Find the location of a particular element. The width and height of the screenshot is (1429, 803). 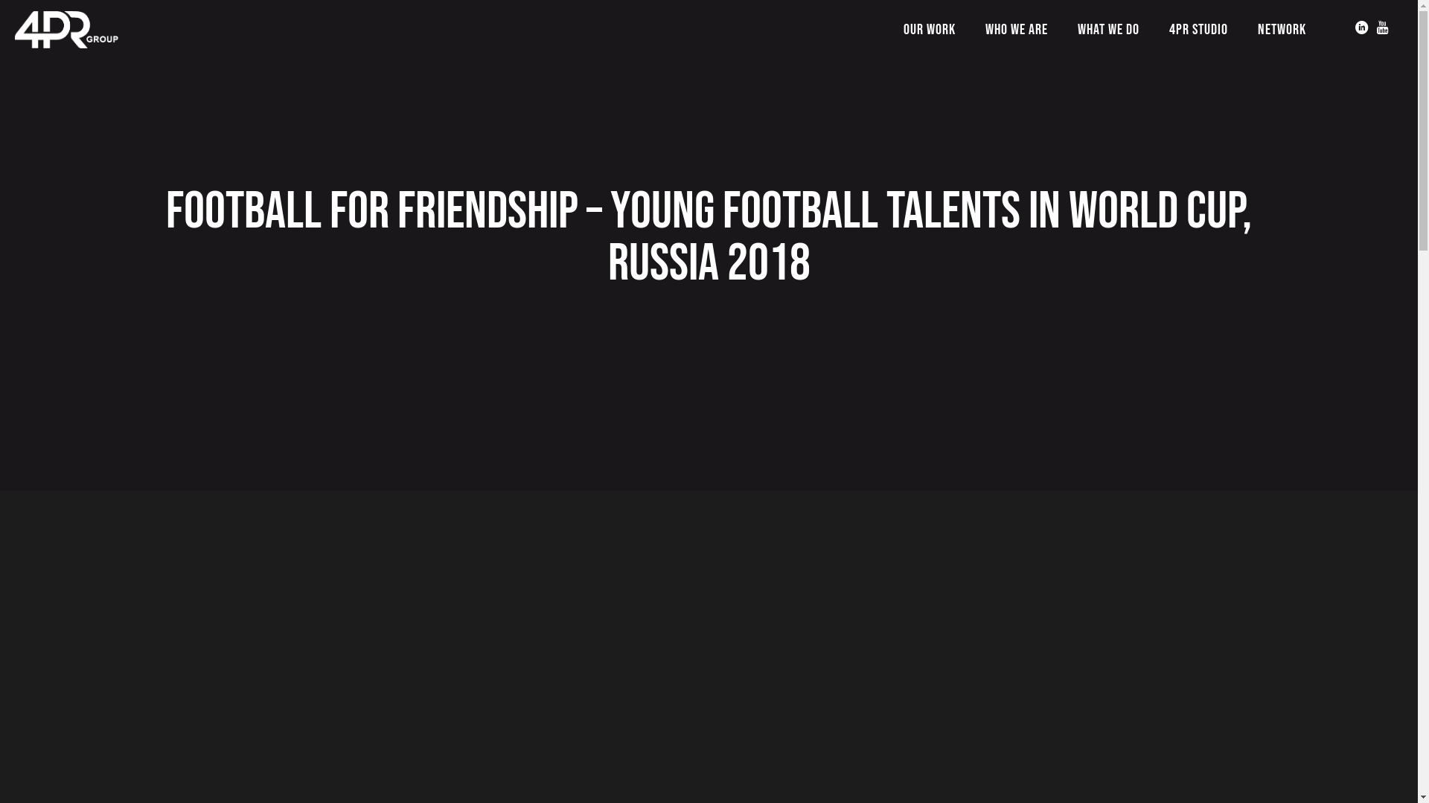

'4PR STUDIO' is located at coordinates (1198, 29).